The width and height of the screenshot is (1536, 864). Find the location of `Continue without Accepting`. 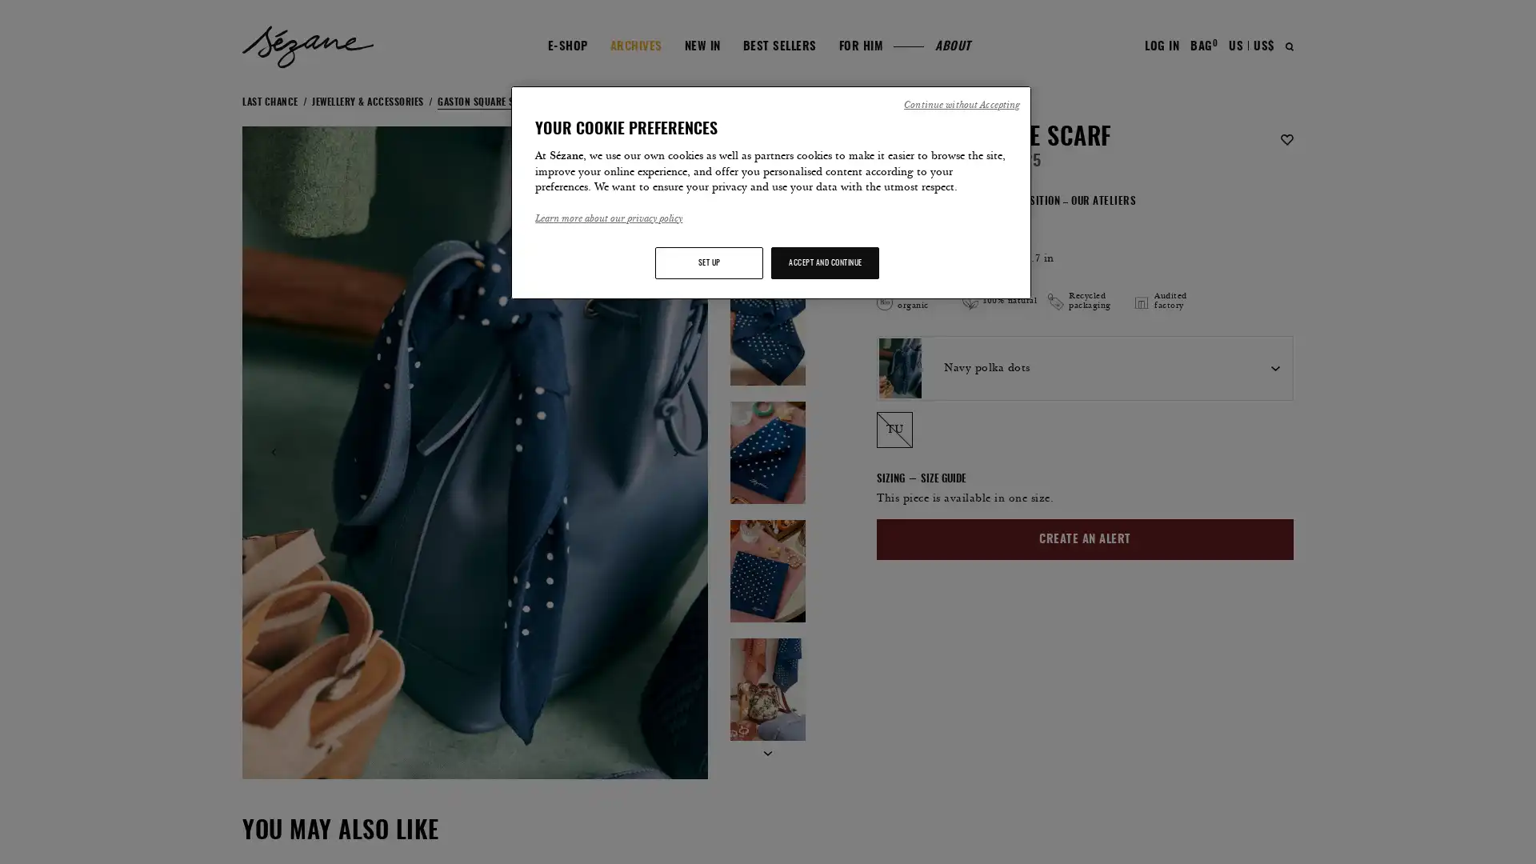

Continue without Accepting is located at coordinates (960, 105).